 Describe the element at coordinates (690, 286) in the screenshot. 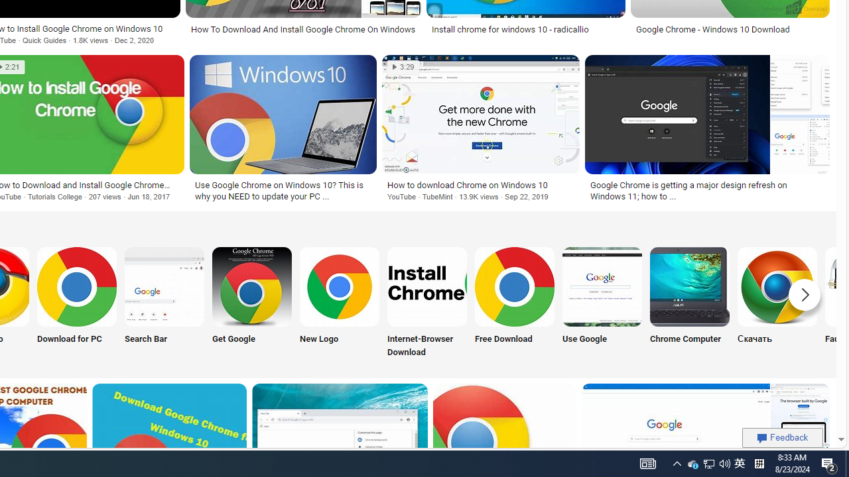

I see `'Chrome Computer'` at that location.